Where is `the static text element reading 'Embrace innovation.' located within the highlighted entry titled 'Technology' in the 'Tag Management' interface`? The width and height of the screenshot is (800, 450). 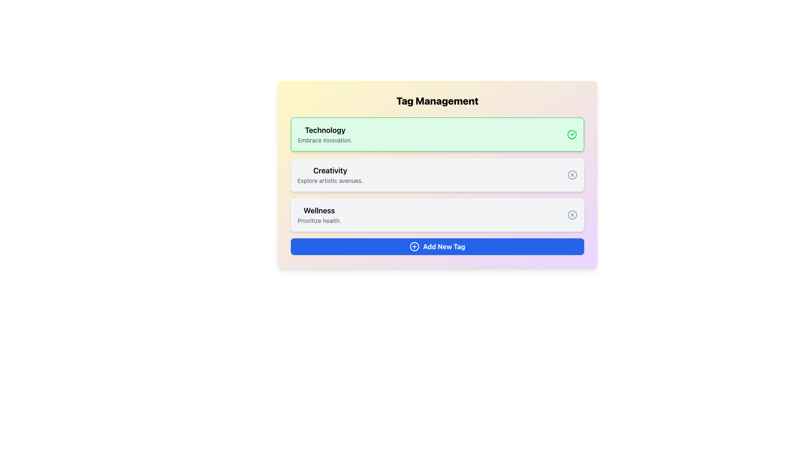 the static text element reading 'Embrace innovation.' located within the highlighted entry titled 'Technology' in the 'Tag Management' interface is located at coordinates (325, 140).